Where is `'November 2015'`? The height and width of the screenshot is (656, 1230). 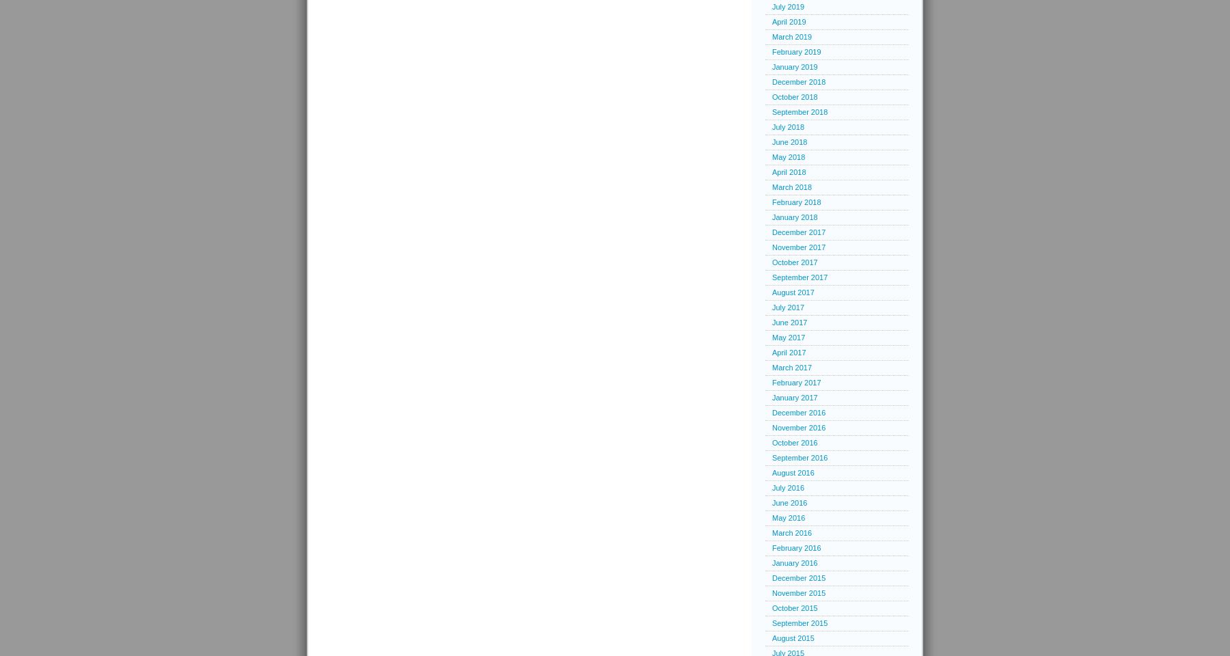 'November 2015' is located at coordinates (797, 592).